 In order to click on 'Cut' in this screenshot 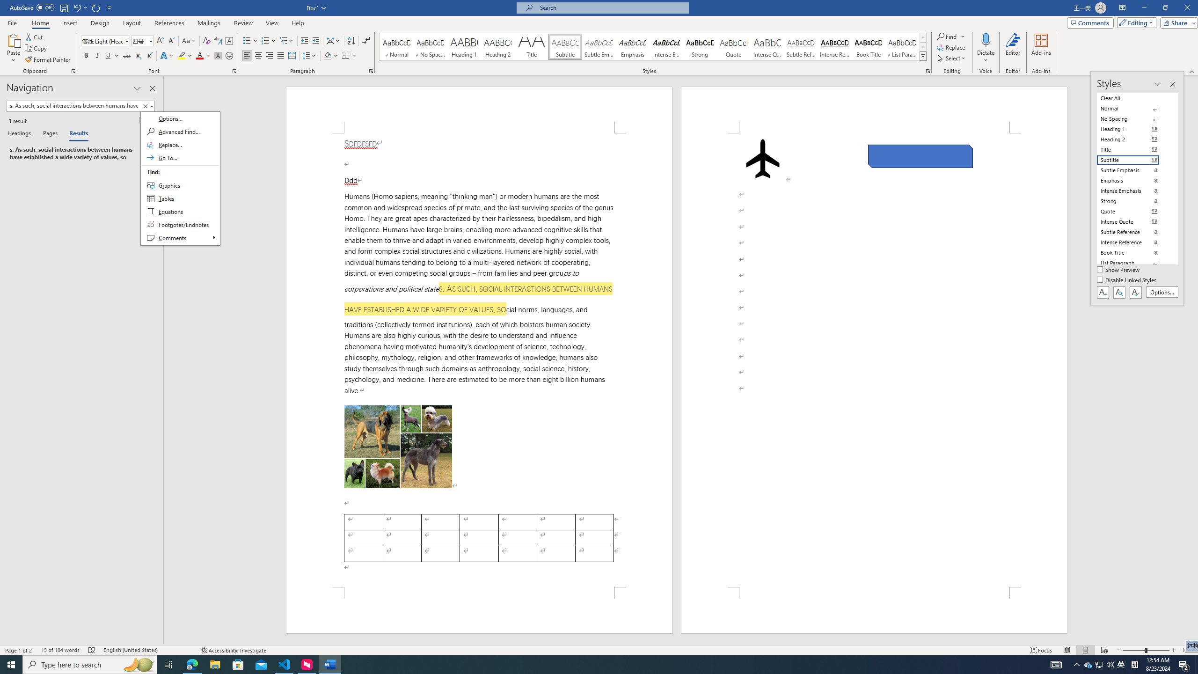, I will do `click(34, 37)`.